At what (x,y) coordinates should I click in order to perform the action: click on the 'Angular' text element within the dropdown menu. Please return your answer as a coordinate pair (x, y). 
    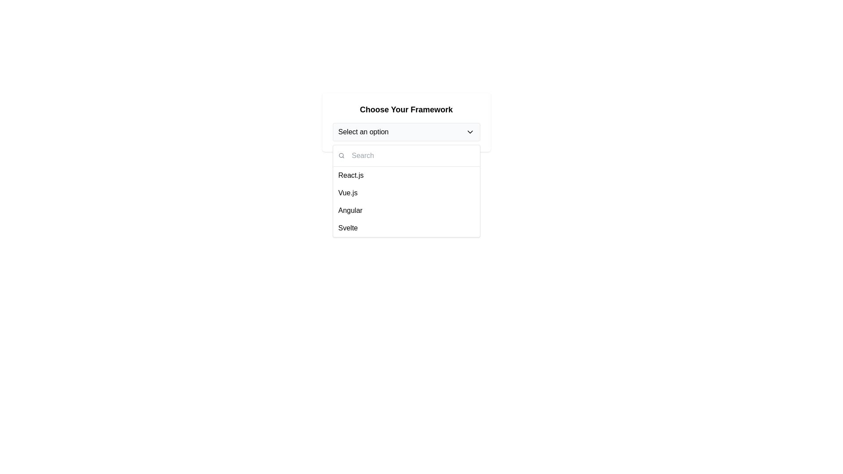
    Looking at the image, I should click on (350, 210).